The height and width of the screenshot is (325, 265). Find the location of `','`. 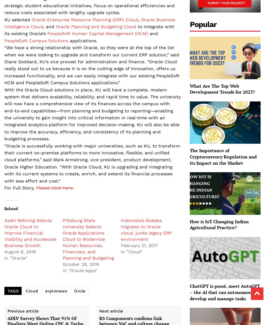

',' is located at coordinates (139, 19).